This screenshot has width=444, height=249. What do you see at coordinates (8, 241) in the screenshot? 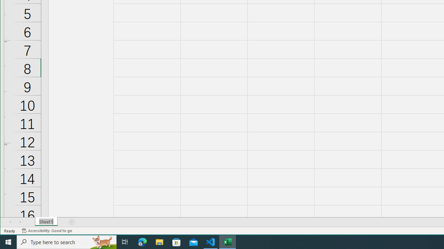
I see `'Start'` at bounding box center [8, 241].